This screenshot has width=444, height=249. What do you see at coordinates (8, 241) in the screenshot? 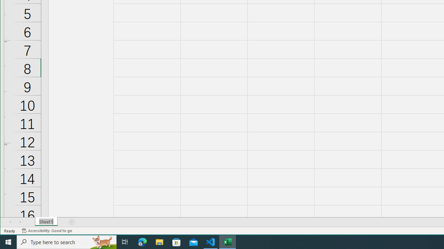
I see `'Start'` at bounding box center [8, 241].